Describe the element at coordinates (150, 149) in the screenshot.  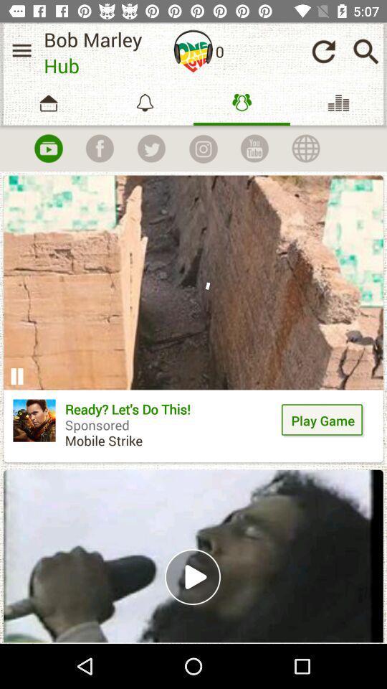
I see `twitter button` at that location.